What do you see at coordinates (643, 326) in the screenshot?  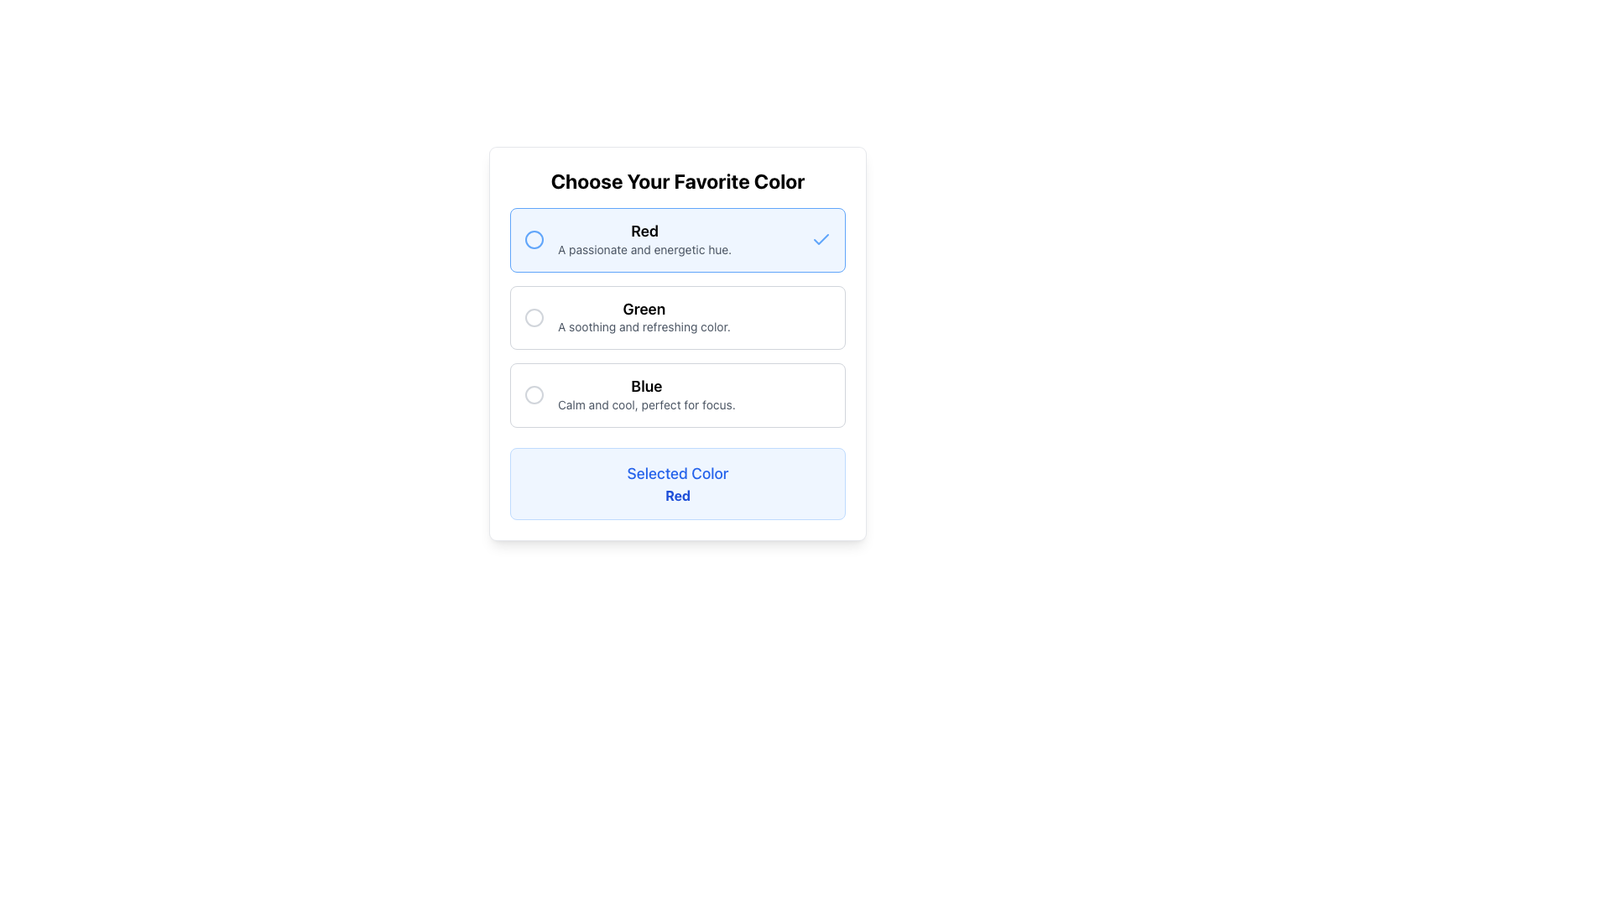 I see `the static text element displaying 'A soothing and refreshing color.' which is located below the heading 'Green' in the list box` at bounding box center [643, 326].